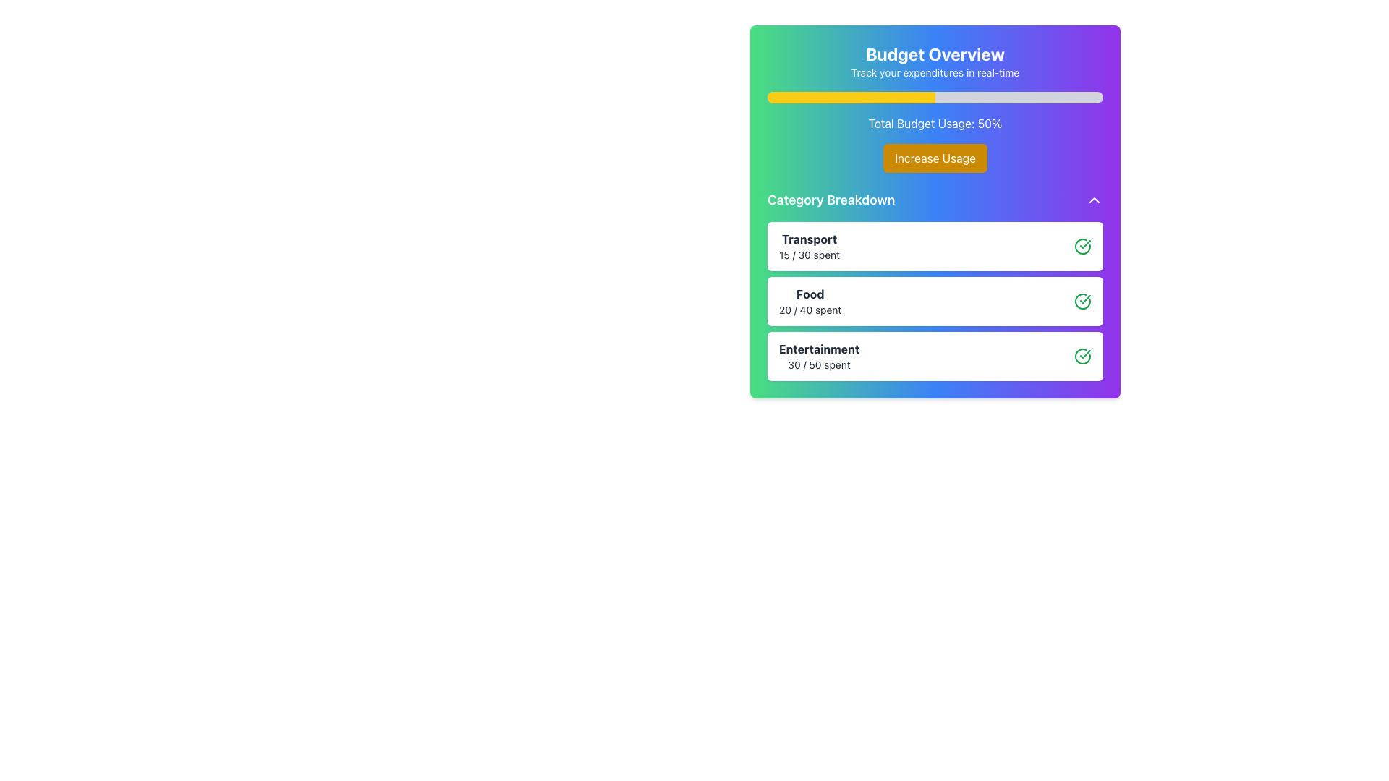 The image size is (1389, 781). Describe the element at coordinates (935, 53) in the screenshot. I see `text 'Budget Overview' displayed in a bold font style at the top section of the interface, which has a gradient background from green to purple` at that location.